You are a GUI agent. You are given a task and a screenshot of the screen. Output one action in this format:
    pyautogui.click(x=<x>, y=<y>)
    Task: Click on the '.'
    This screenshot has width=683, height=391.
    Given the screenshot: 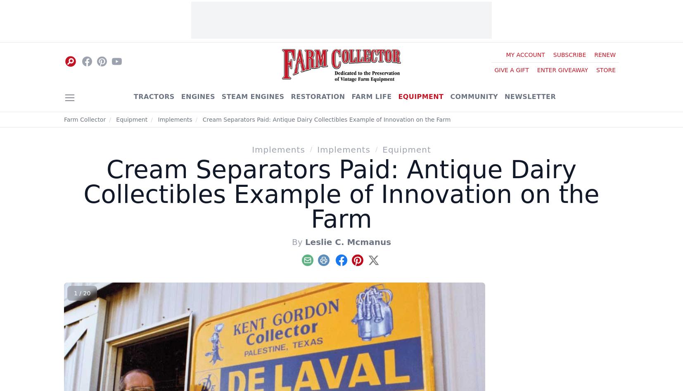 What is the action you would take?
    pyautogui.click(x=221, y=159)
    